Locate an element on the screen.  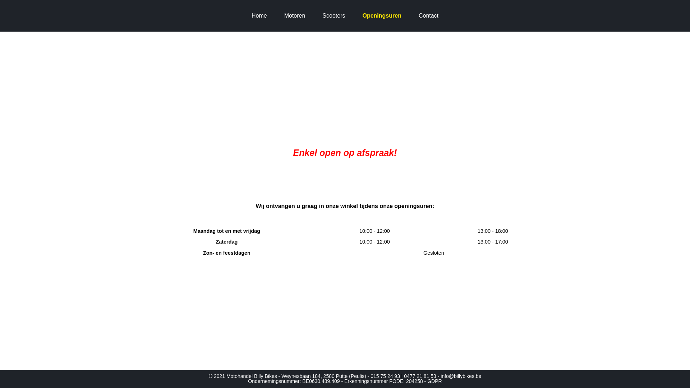
'Scooters' is located at coordinates (333, 15).